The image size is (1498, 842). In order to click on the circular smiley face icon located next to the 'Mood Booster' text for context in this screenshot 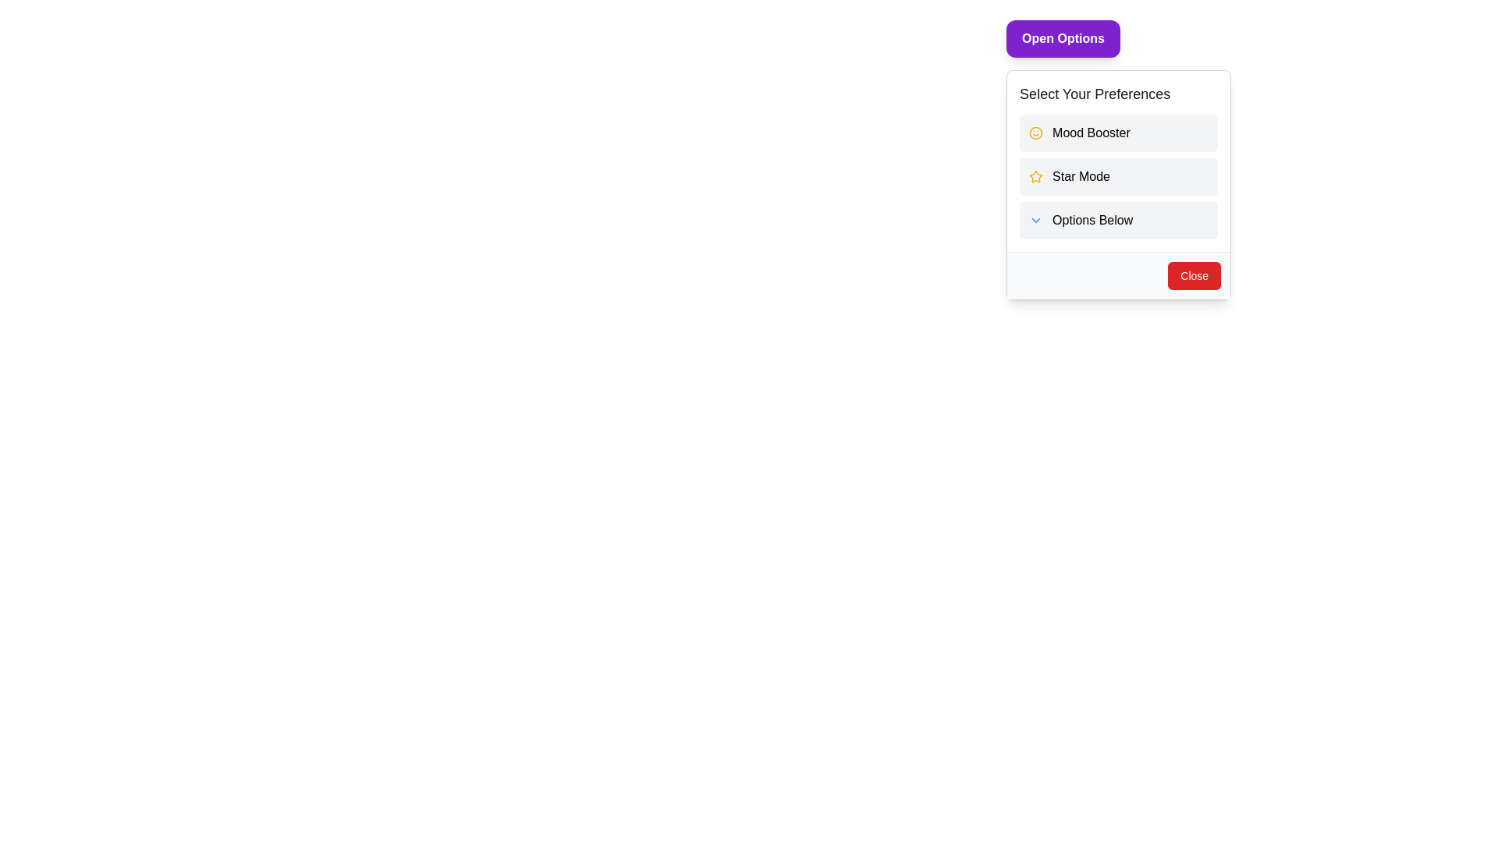, I will do `click(1036, 132)`.